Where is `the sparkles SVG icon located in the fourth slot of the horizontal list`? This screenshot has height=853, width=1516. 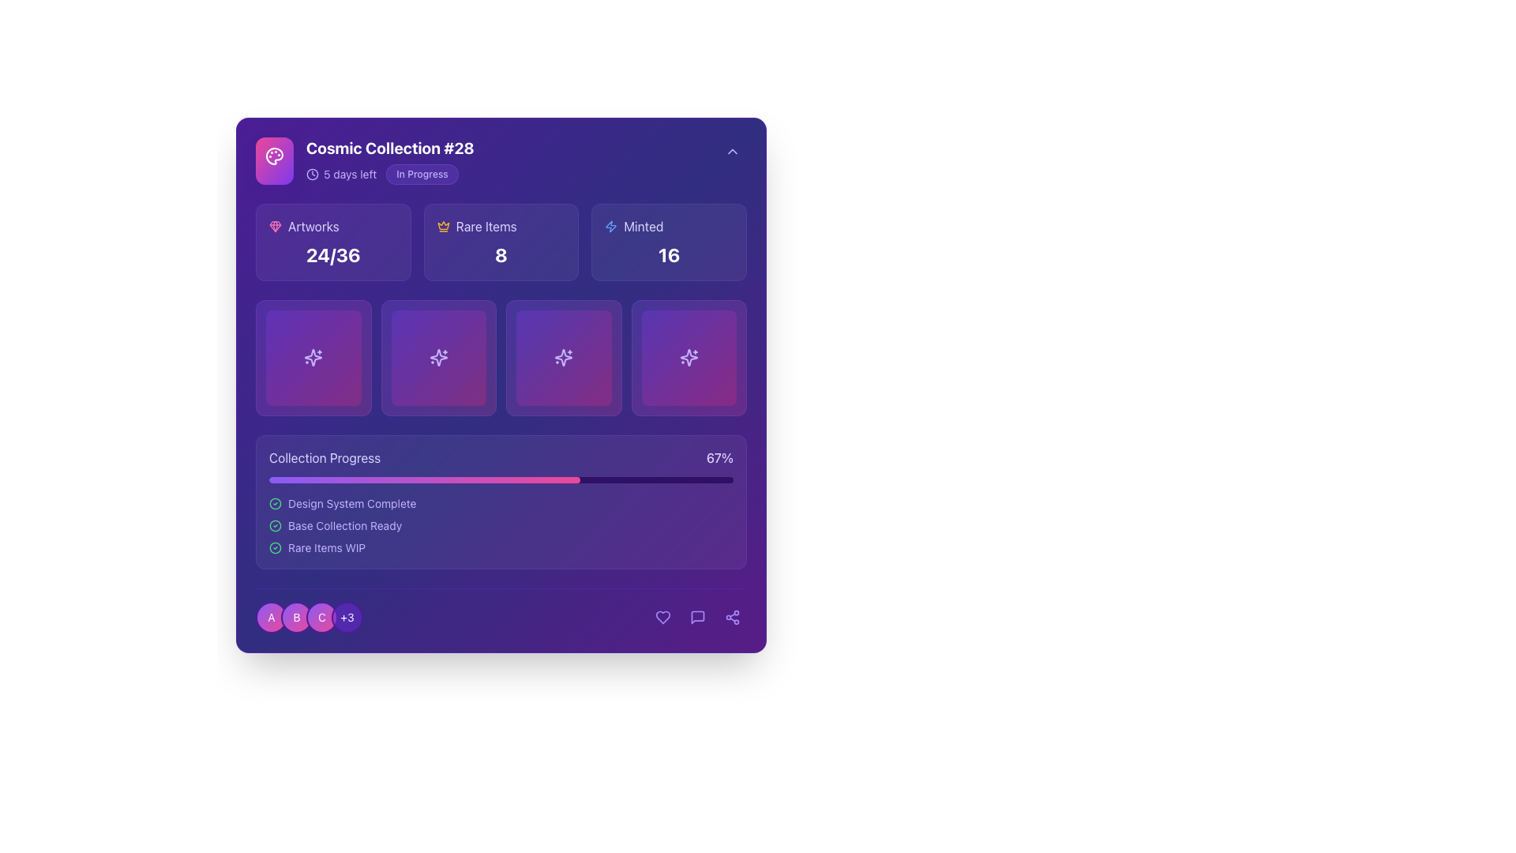
the sparkles SVG icon located in the fourth slot of the horizontal list is located at coordinates (689, 358).